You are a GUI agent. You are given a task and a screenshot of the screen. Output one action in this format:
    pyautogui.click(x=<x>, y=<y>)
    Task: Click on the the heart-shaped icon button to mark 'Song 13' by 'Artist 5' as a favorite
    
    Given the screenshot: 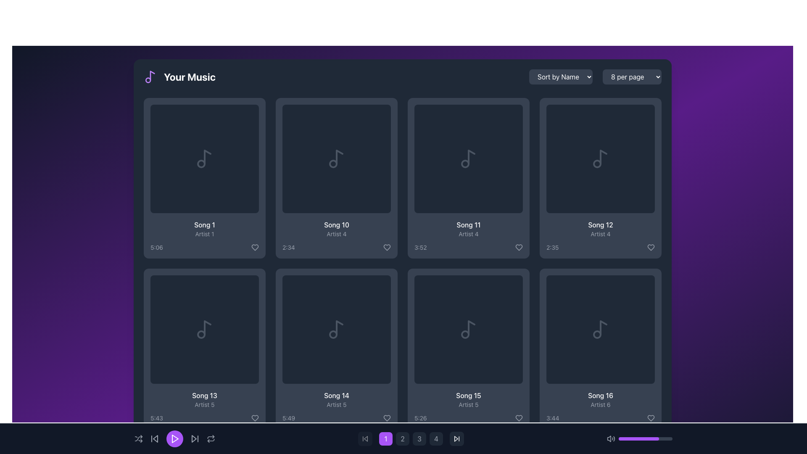 What is the action you would take?
    pyautogui.click(x=254, y=418)
    